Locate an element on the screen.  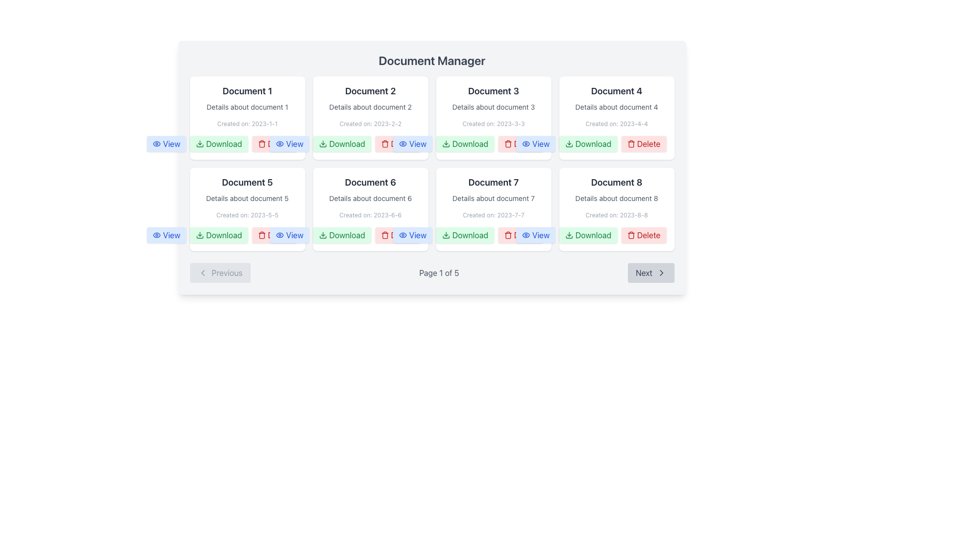
the 'Download' icon within the button in the Document Manager section, which serves as a visual cue for the download action is located at coordinates (200, 143).